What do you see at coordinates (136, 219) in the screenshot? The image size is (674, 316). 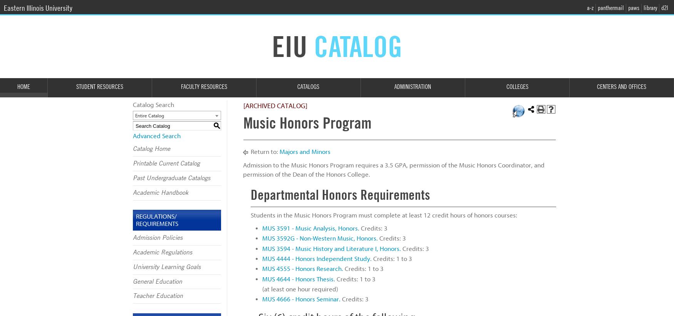 I see `'REGULATIONS/ REQUIREMENTS'` at bounding box center [136, 219].